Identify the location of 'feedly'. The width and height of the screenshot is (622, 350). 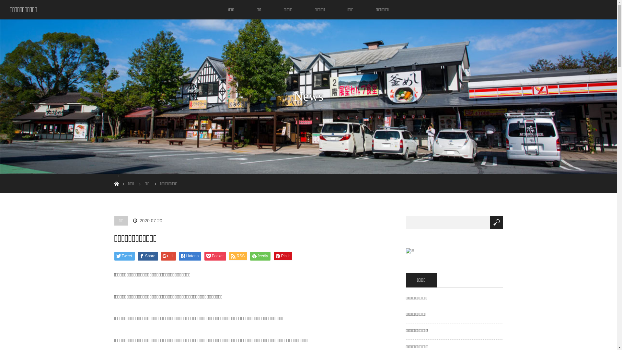
(260, 256).